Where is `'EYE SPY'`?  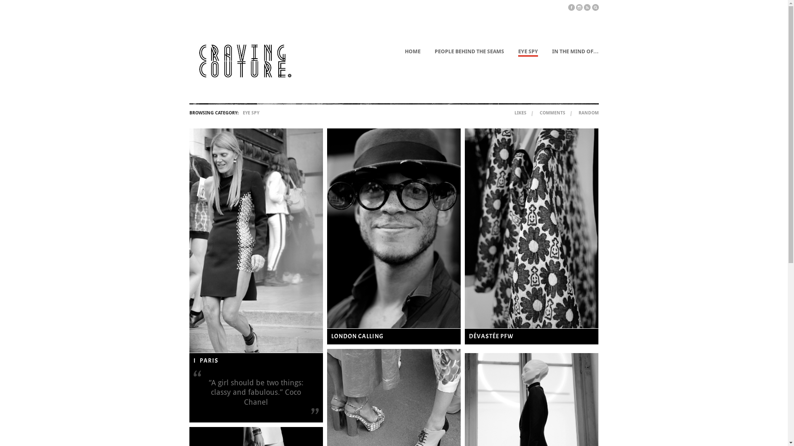 'EYE SPY' is located at coordinates (527, 52).